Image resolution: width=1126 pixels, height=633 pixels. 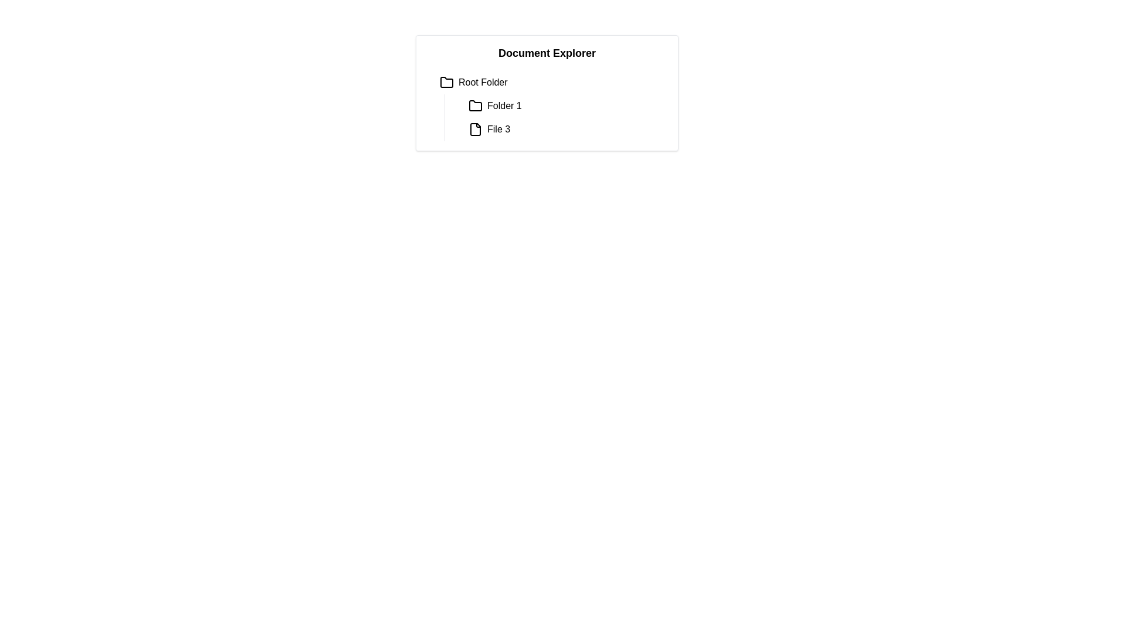 What do you see at coordinates (551, 82) in the screenshot?
I see `the 'Root Folder' item in the hierarchical navigation list` at bounding box center [551, 82].